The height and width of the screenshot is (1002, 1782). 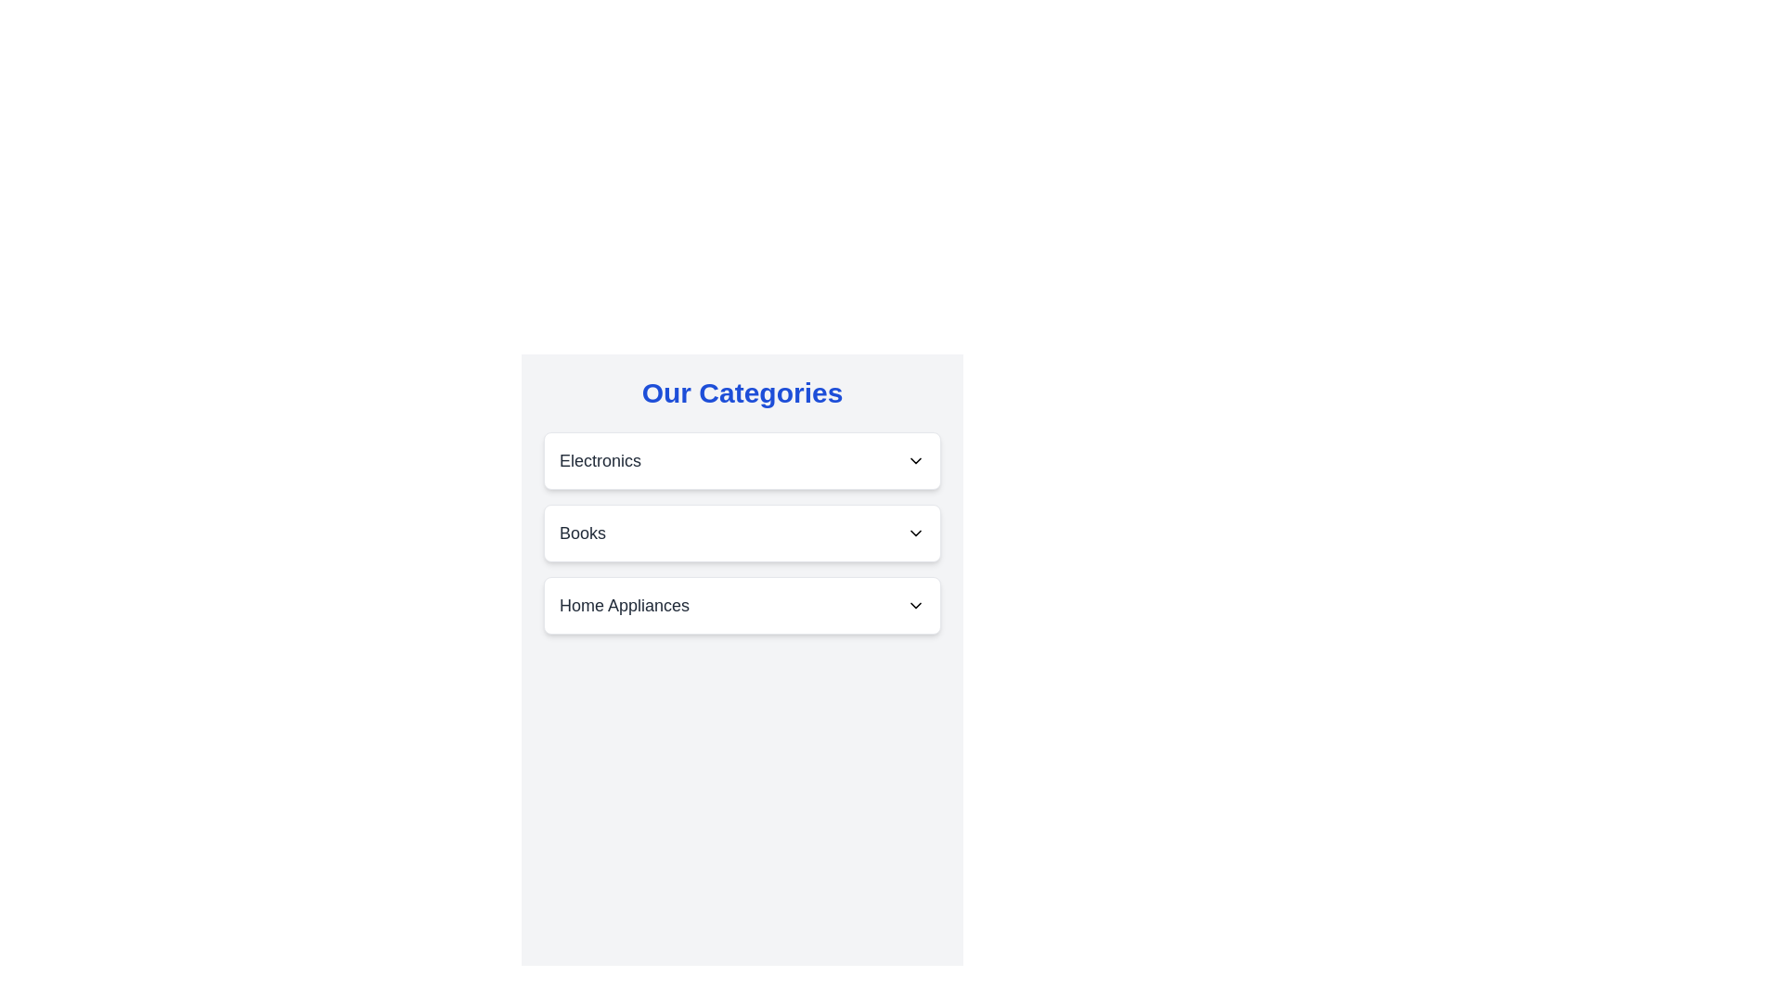 What do you see at coordinates (624, 605) in the screenshot?
I see `the 'Home Appliances' text label located in the vertical list under 'Our Categories'` at bounding box center [624, 605].